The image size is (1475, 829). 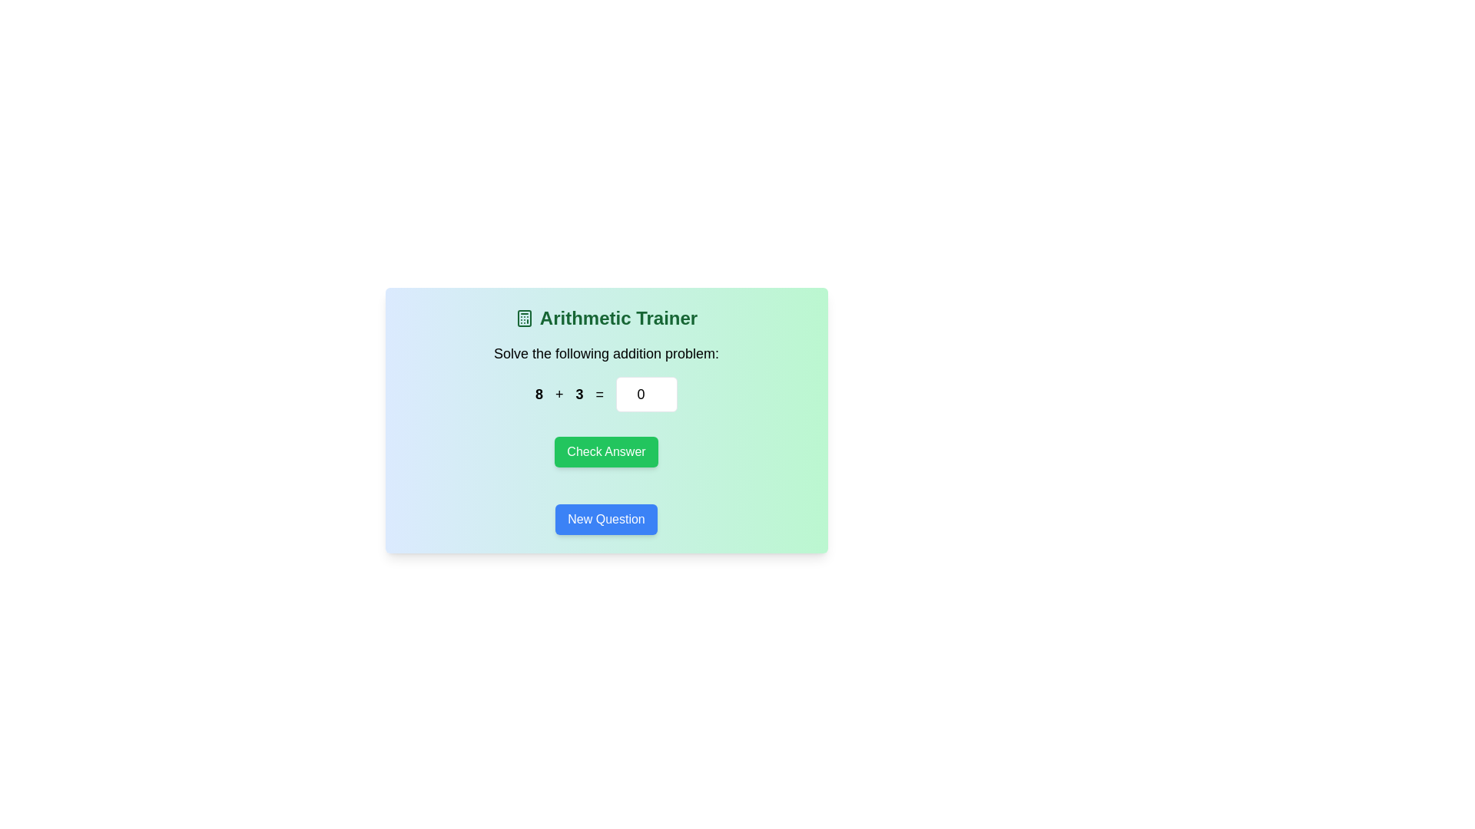 I want to click on the text label displaying the equals sign '=' which is positioned centrally in the arithmetic expression layout, between '3' and an answer input box, so click(x=598, y=393).